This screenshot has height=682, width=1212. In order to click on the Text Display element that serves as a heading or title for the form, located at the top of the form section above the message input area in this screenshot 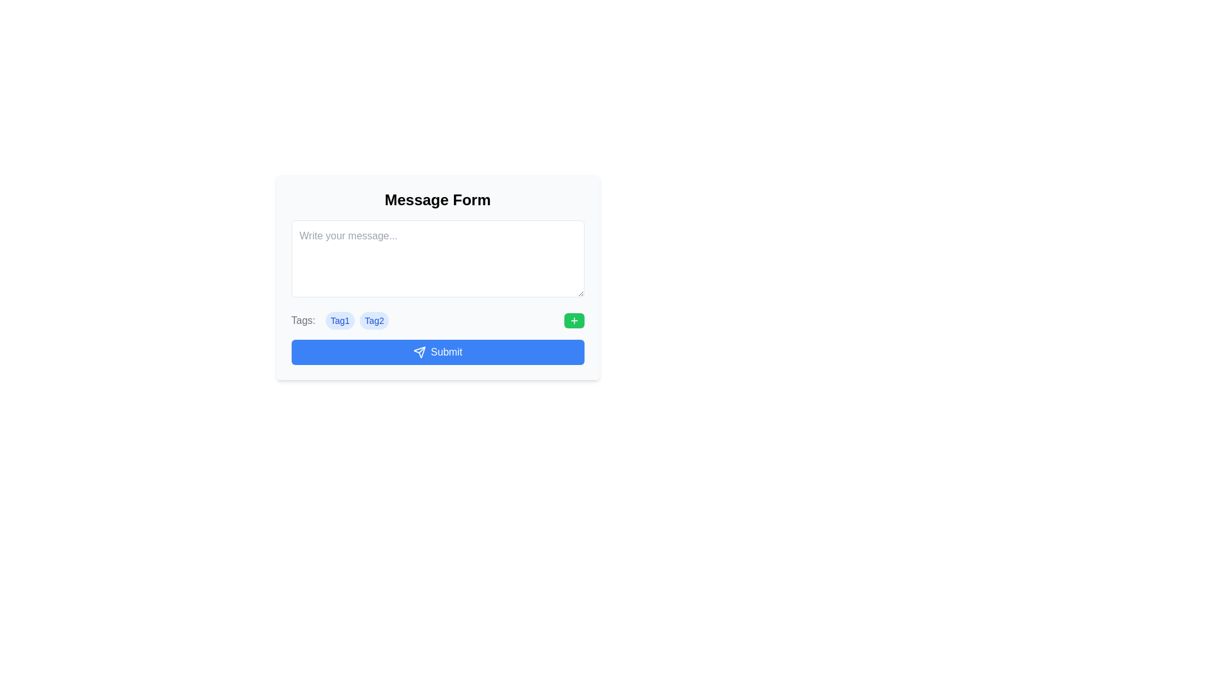, I will do `click(437, 199)`.